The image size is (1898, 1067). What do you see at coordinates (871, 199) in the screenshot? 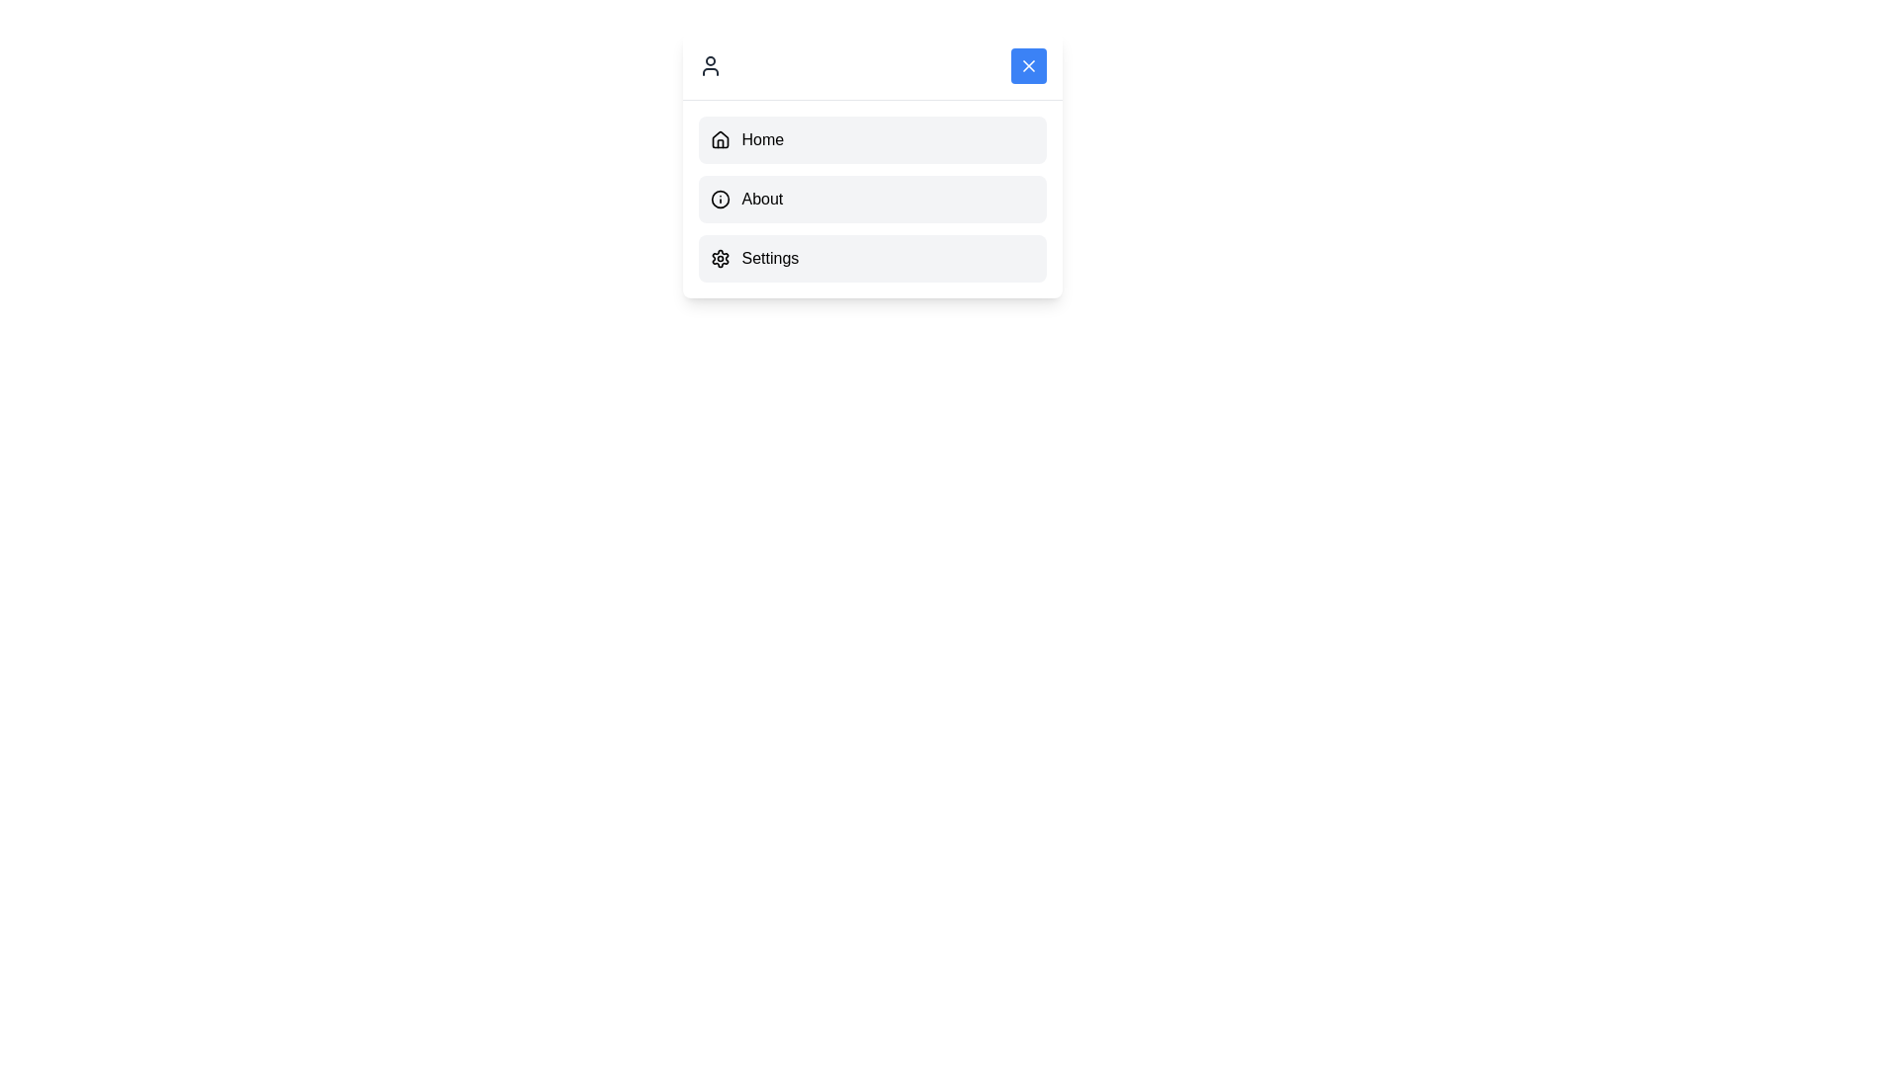
I see `the 'About' button, which is the second item in a vertical stack of menu items` at bounding box center [871, 199].